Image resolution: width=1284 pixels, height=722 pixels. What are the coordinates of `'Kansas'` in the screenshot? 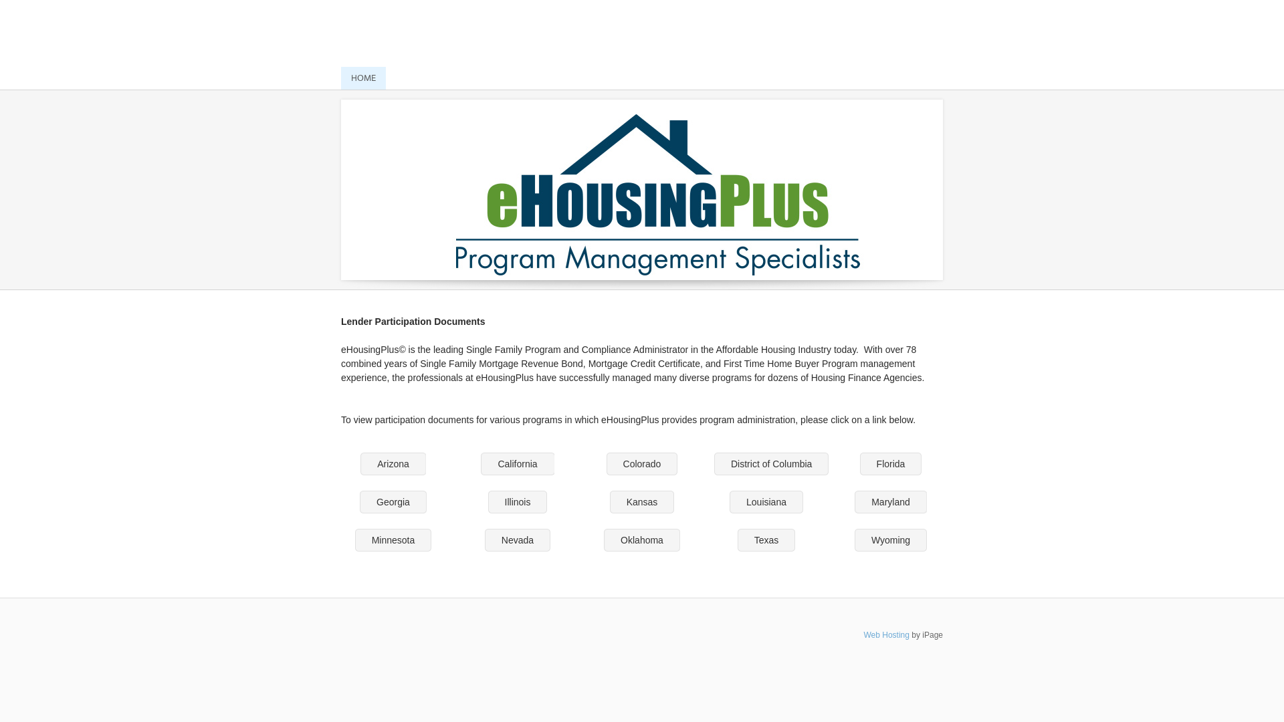 It's located at (642, 502).